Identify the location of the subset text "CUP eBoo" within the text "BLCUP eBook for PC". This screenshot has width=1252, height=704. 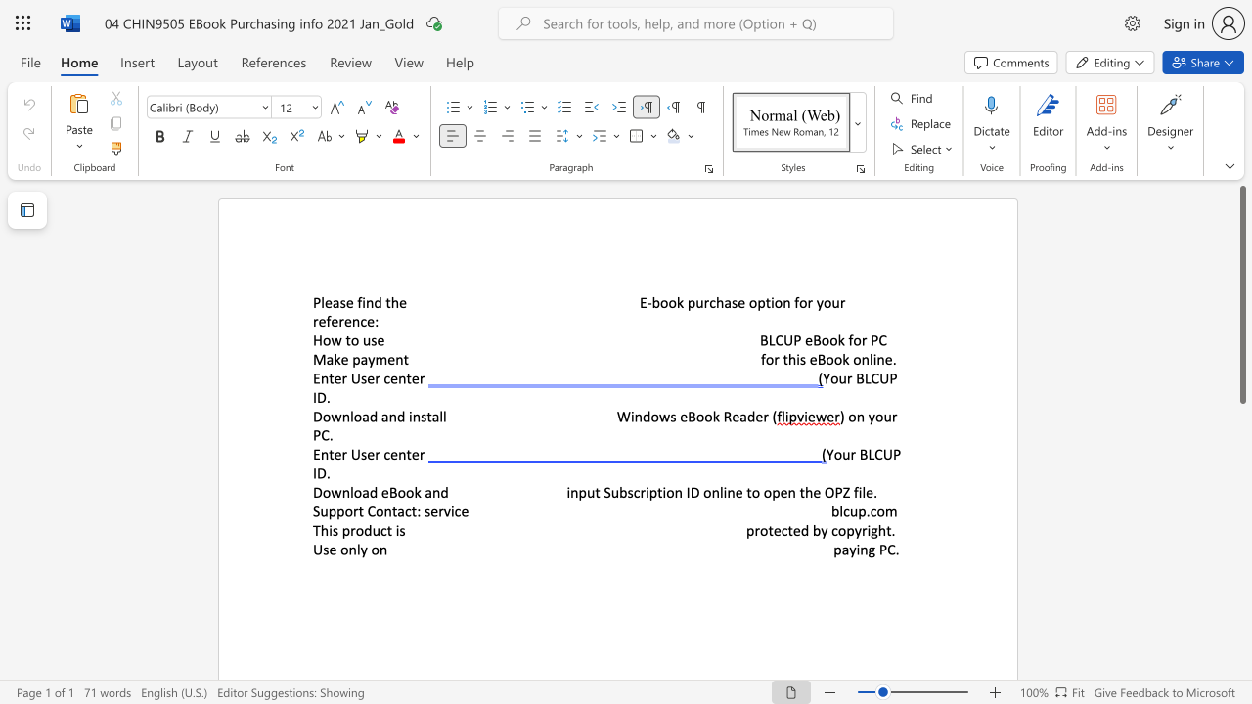
(774, 339).